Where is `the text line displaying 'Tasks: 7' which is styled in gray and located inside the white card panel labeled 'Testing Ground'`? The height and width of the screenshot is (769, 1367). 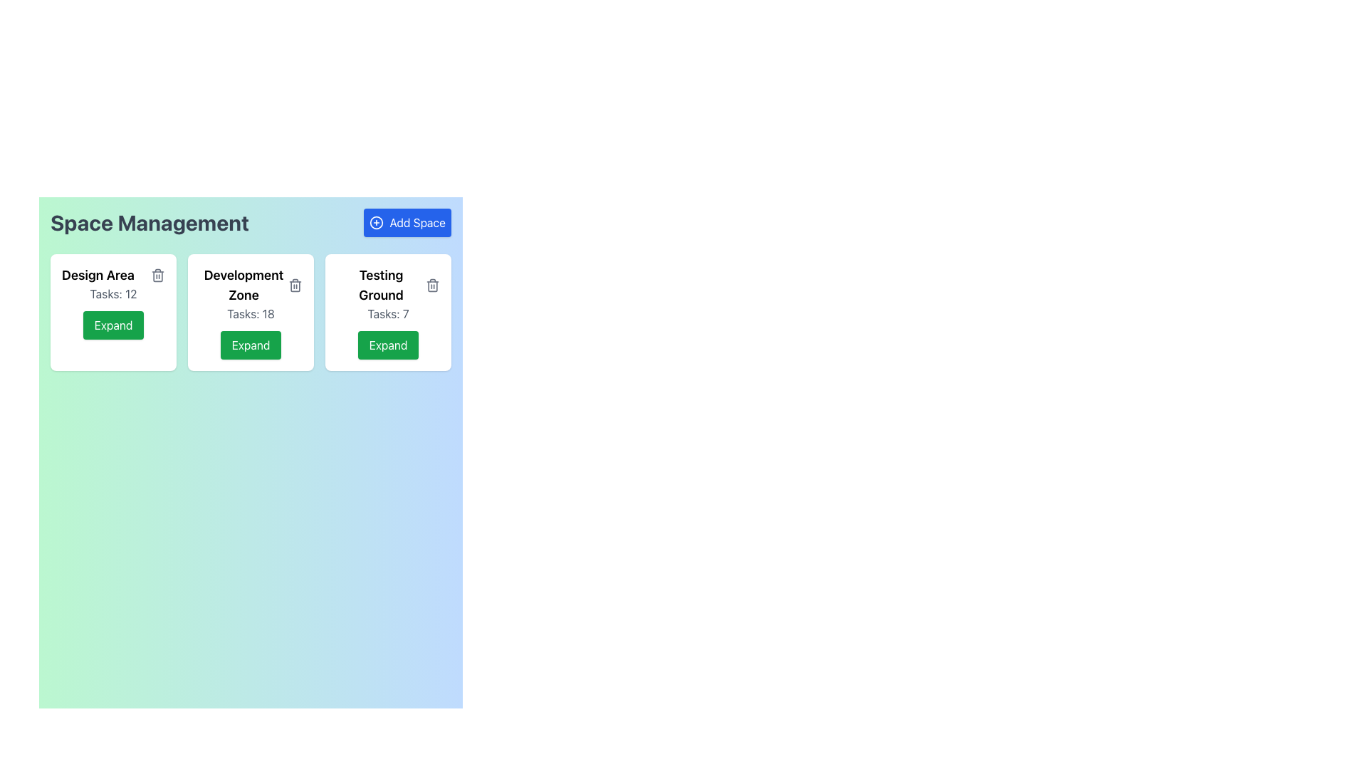
the text line displaying 'Tasks: 7' which is styled in gray and located inside the white card panel labeled 'Testing Ground' is located at coordinates (388, 313).